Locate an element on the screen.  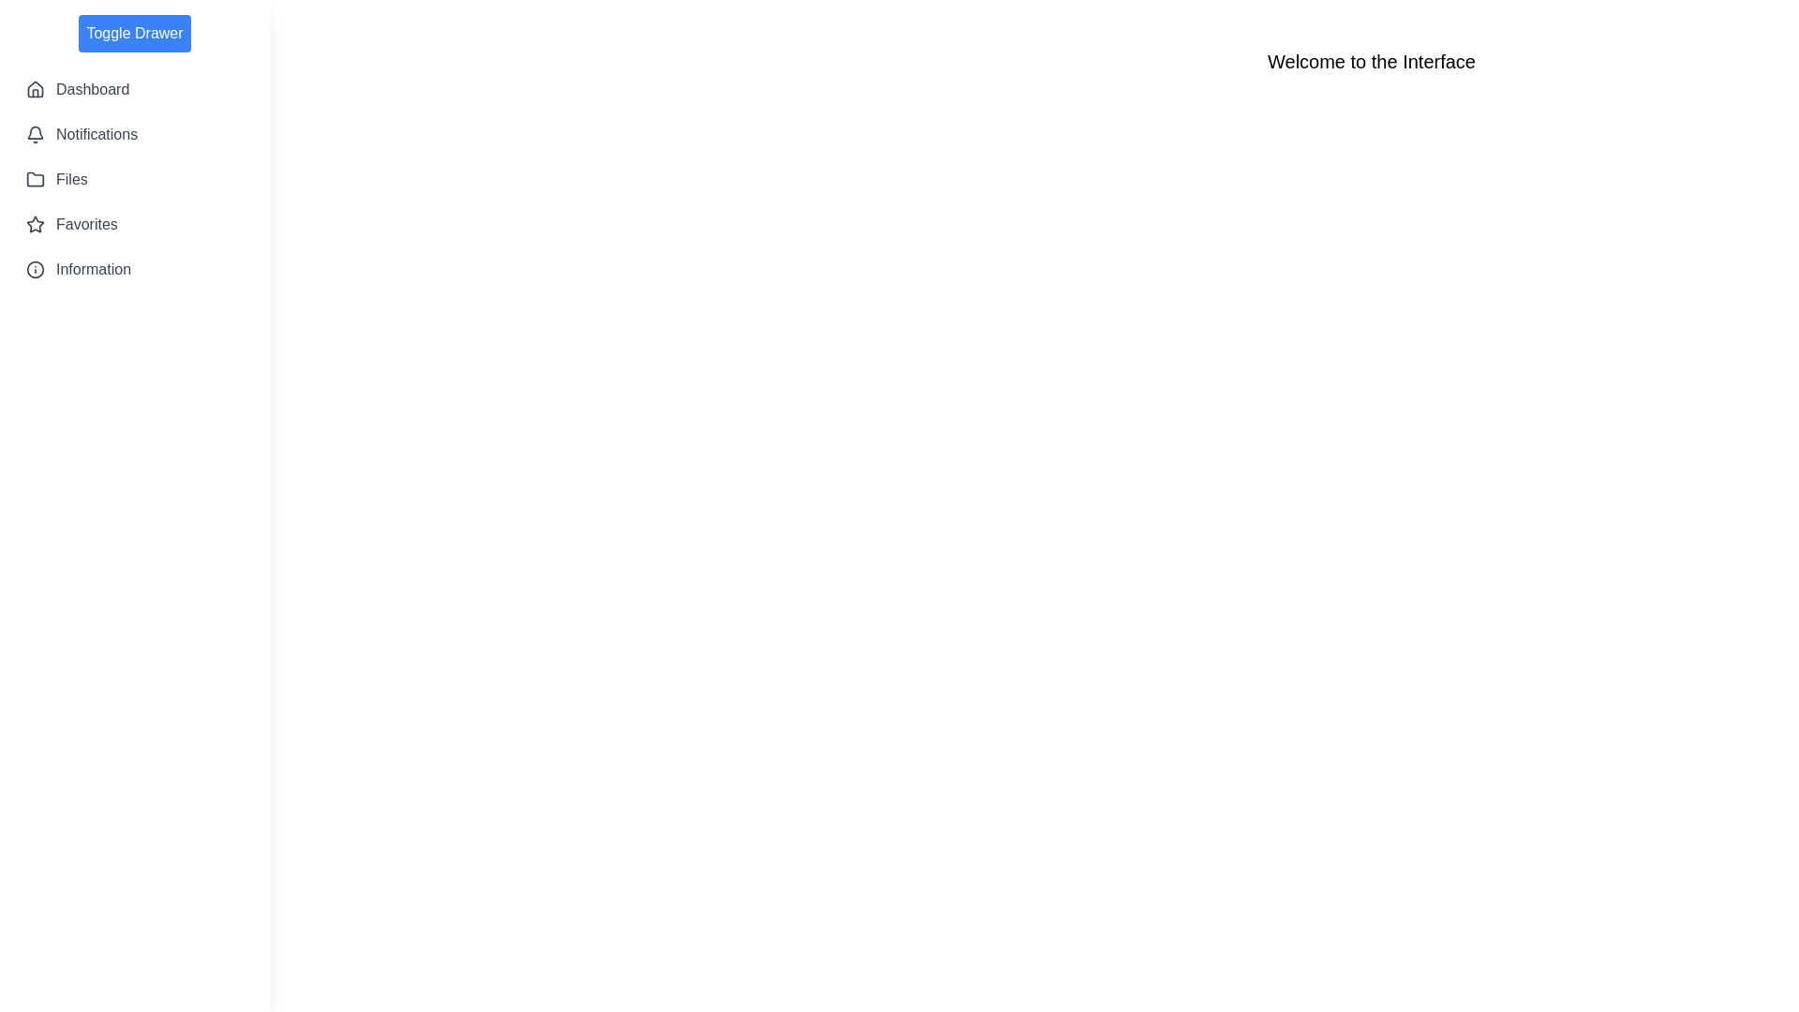
the icon corresponding to the Notifications in the sidebar is located at coordinates (36, 133).